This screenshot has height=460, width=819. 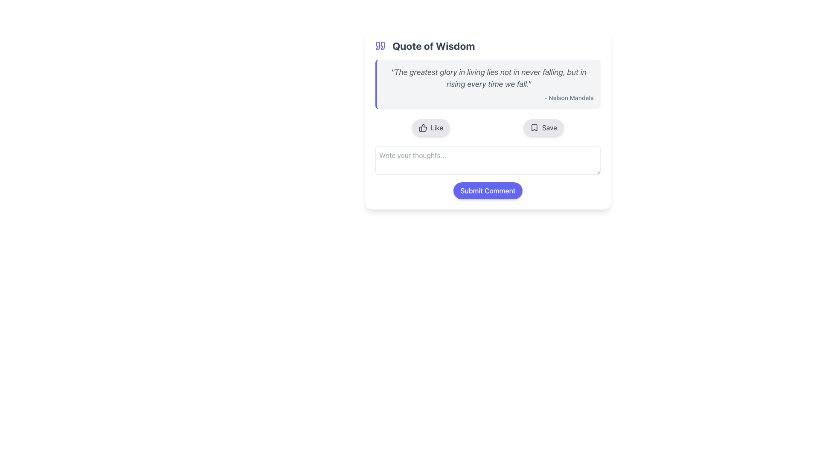 I want to click on the 'Quote of Wisdom' text label, which is a bold heading in dark gray color located at the upper part of a card-like component, so click(x=433, y=46).